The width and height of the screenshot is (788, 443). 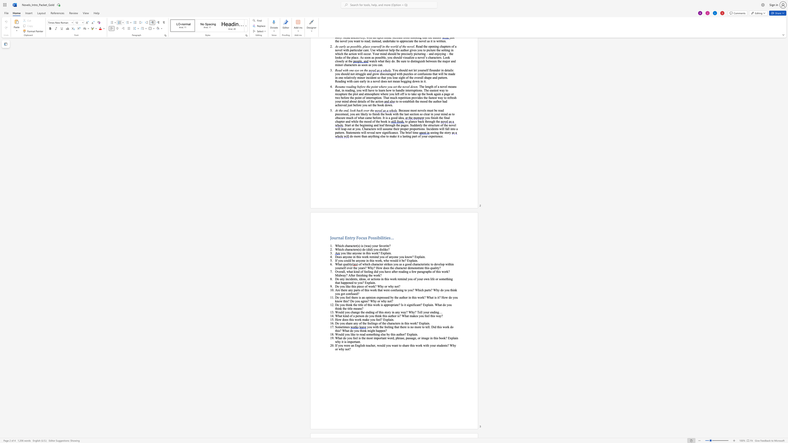 What do you see at coordinates (336, 323) in the screenshot?
I see `the 1th character "D" in the text` at bounding box center [336, 323].